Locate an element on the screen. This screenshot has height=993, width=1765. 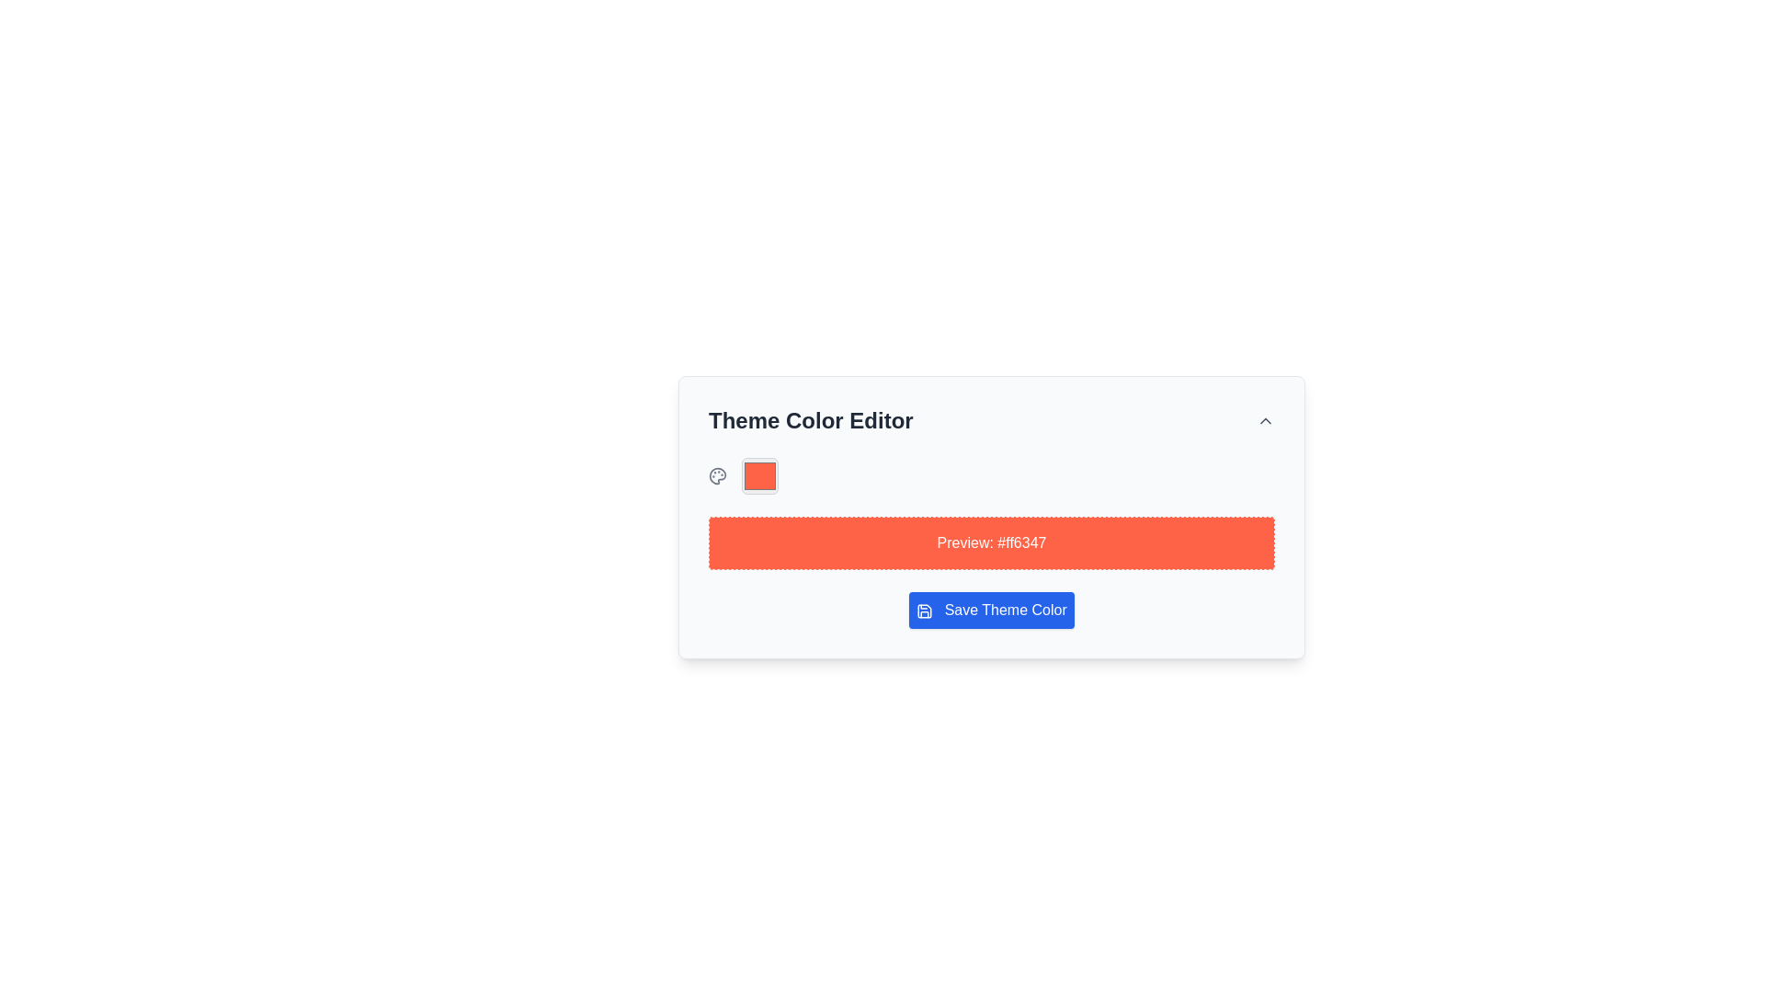
the visual display box with a dashed border and red background that contains the text 'Preview: #ff6347' is located at coordinates (991, 542).